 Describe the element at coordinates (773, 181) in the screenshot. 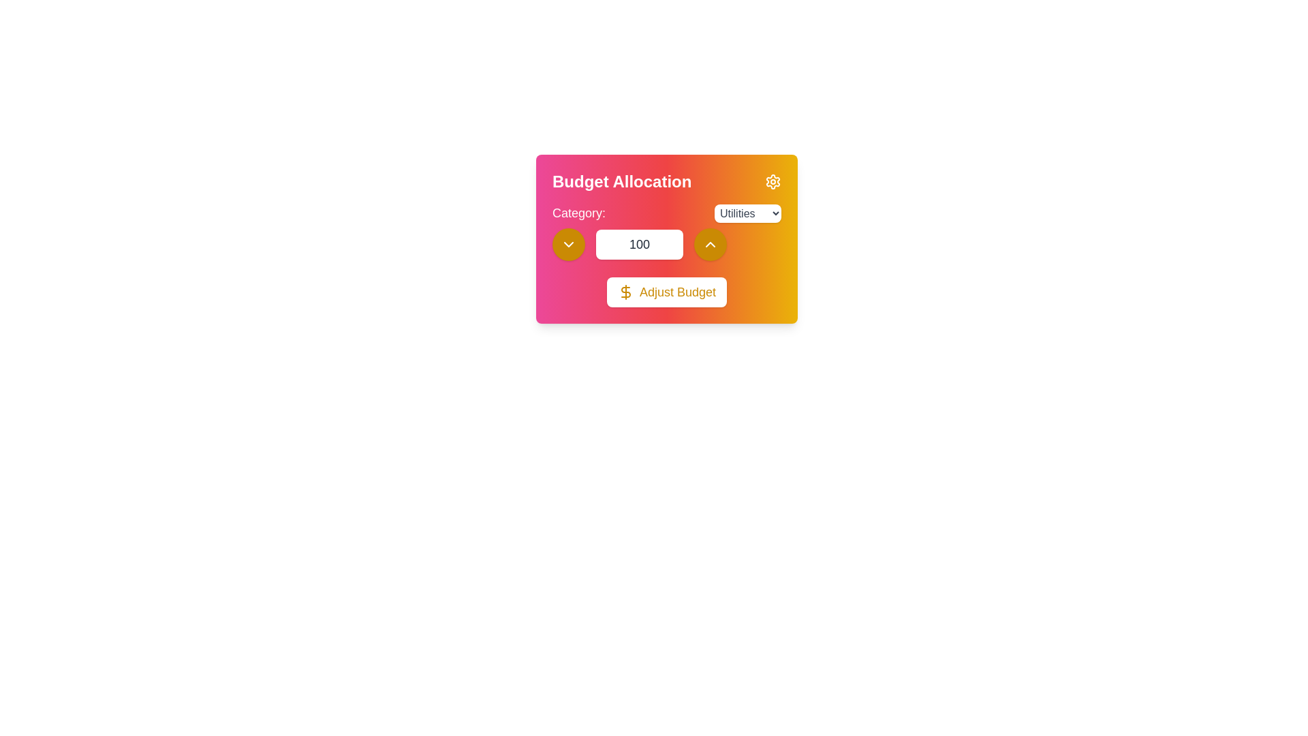

I see `the Icon Button in the top right corner of the 'Budget Allocation' panel` at that location.